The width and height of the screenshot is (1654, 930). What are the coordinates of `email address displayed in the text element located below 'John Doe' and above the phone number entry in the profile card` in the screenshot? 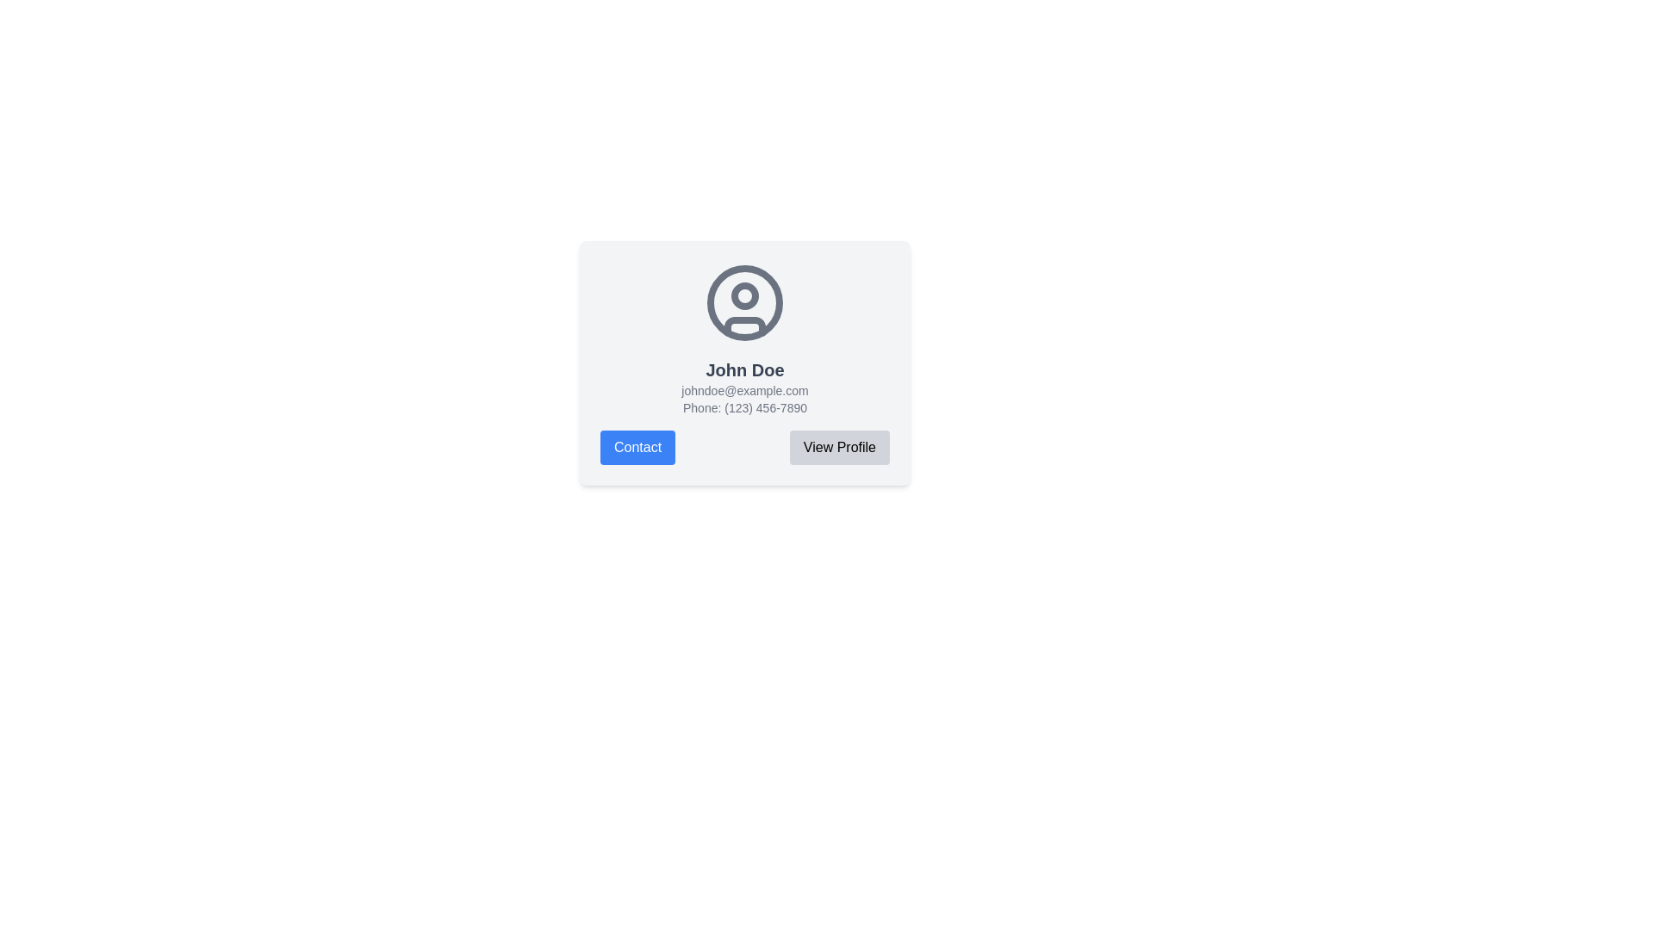 It's located at (744, 391).